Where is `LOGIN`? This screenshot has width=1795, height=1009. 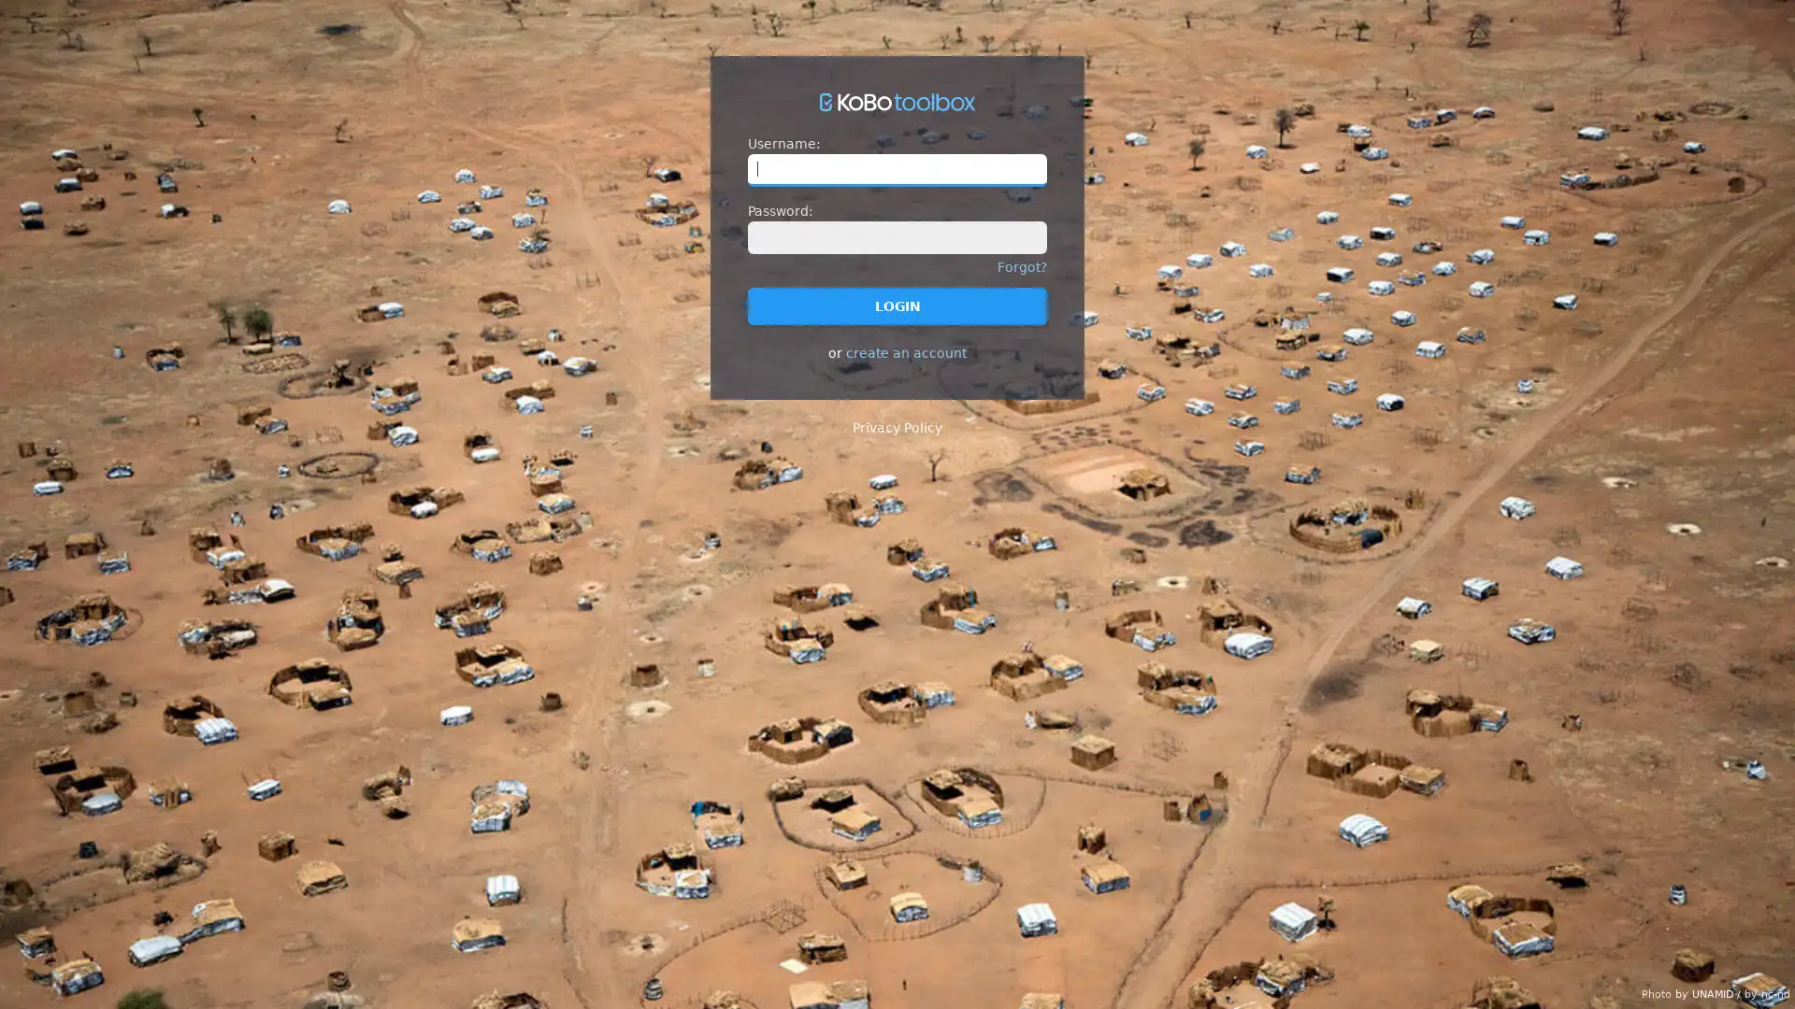 LOGIN is located at coordinates (897, 305).